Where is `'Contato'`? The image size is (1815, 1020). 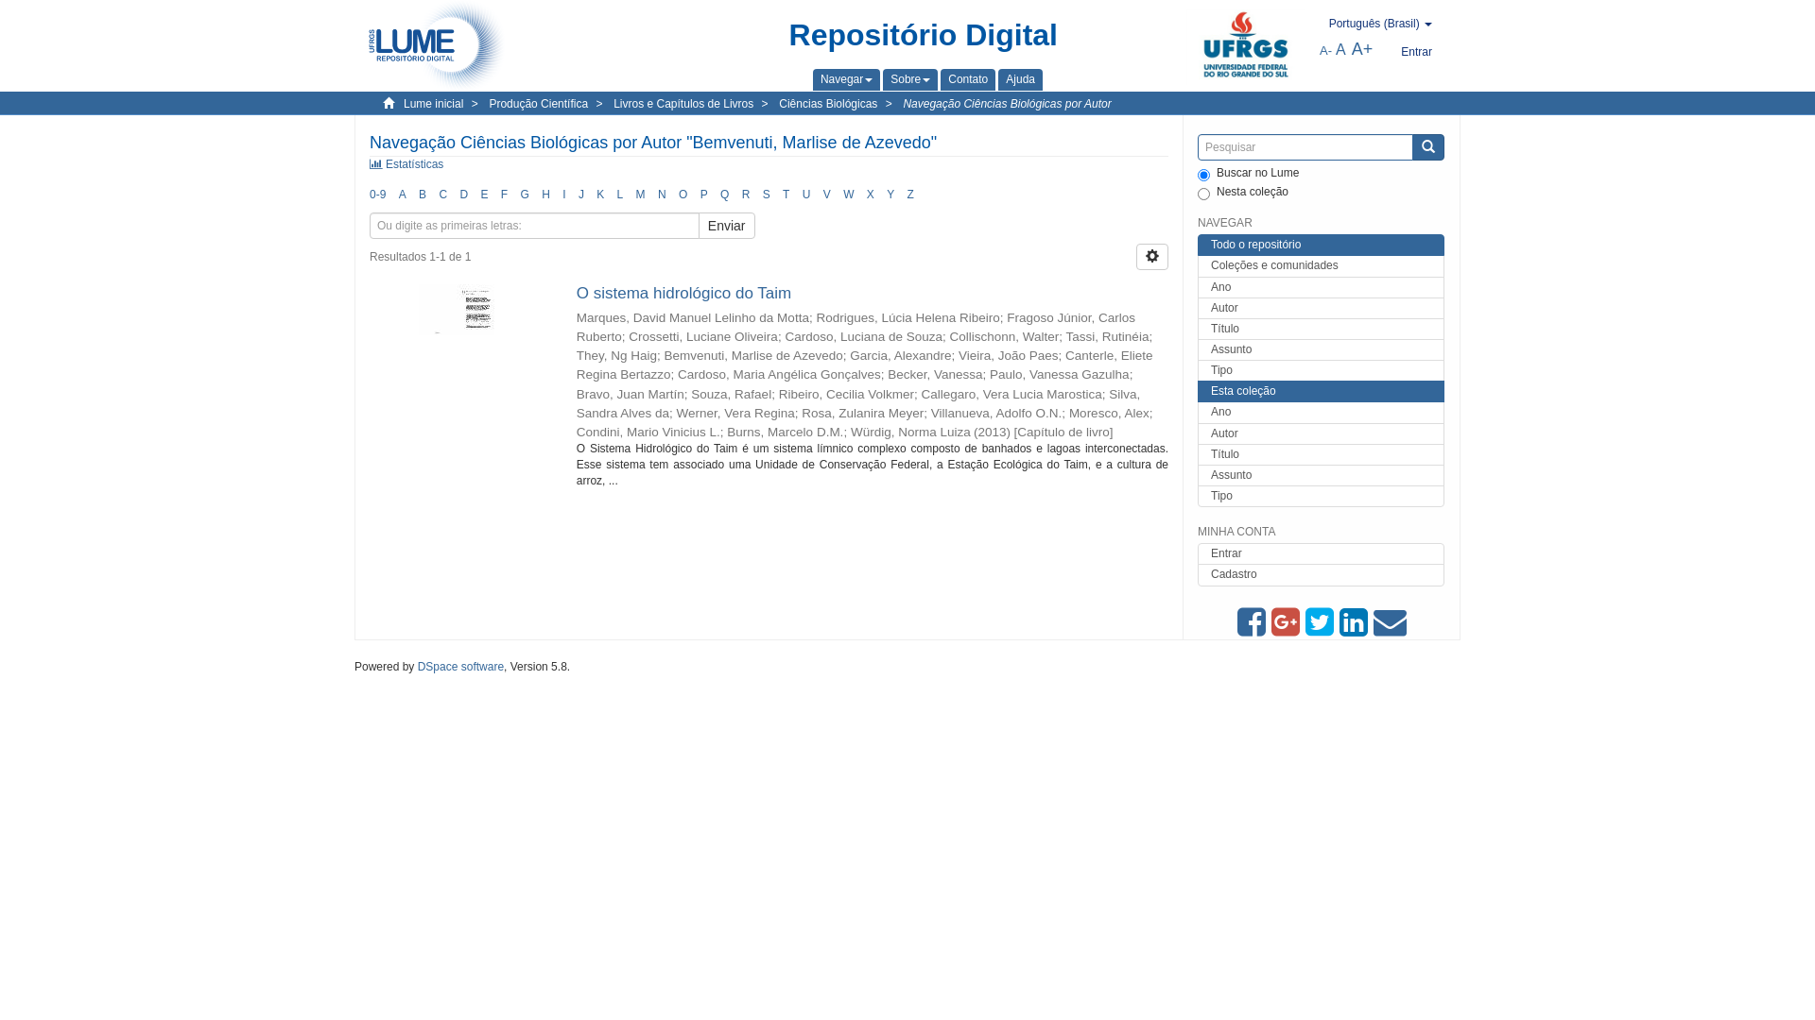 'Contato' is located at coordinates (948, 78).